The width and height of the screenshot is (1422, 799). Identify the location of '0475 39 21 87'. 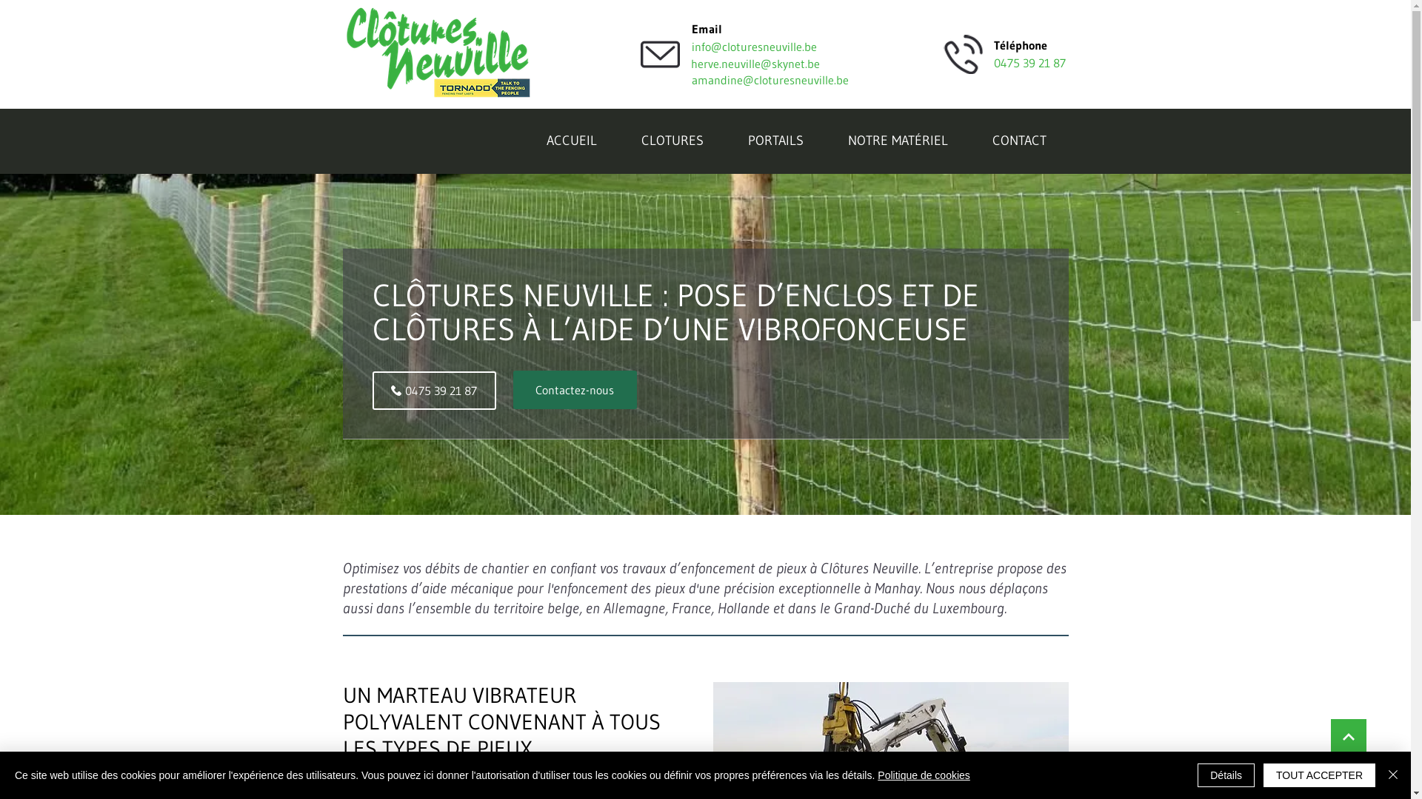
(433, 390).